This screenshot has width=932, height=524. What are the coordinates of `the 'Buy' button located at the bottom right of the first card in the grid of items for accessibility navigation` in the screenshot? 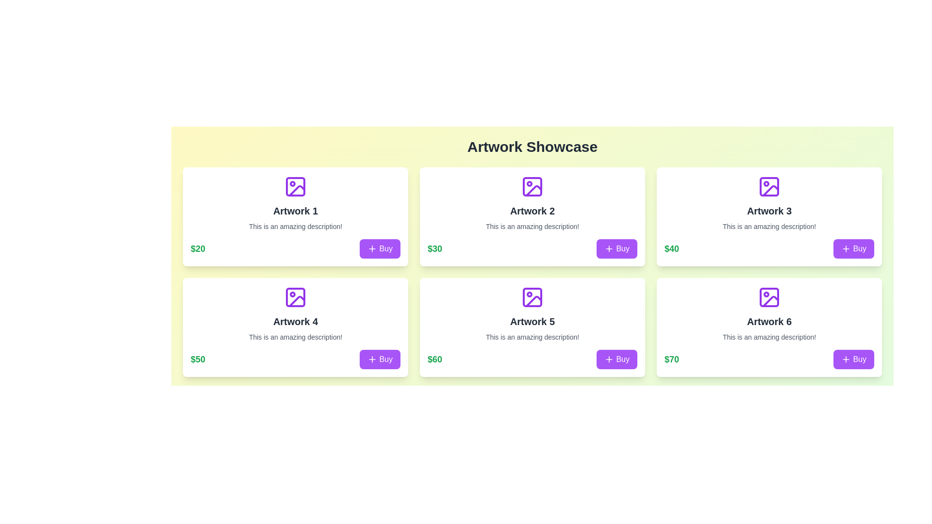 It's located at (380, 248).